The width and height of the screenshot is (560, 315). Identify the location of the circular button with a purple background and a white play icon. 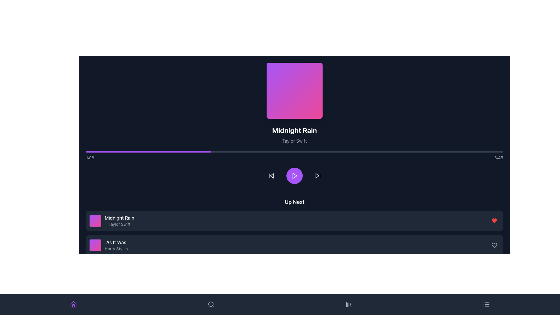
(294, 175).